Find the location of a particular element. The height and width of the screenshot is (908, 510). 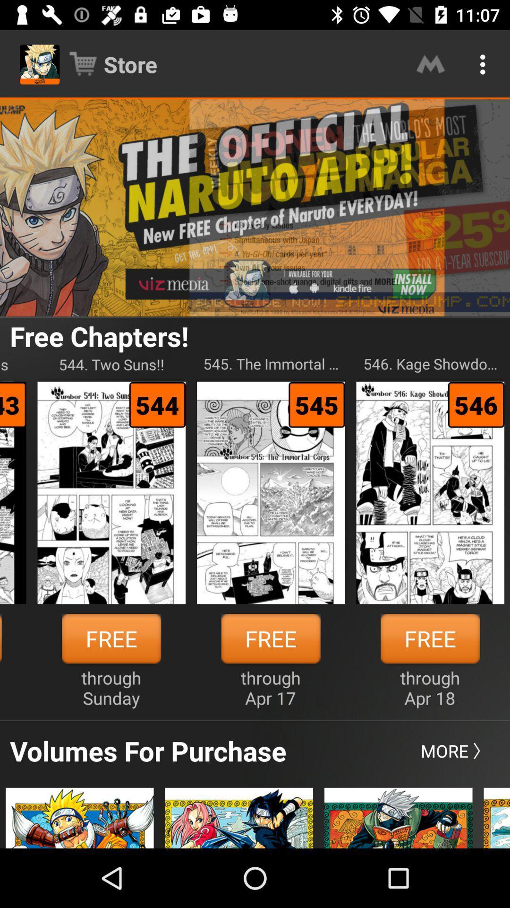

item next to the free item is located at coordinates (110, 688).